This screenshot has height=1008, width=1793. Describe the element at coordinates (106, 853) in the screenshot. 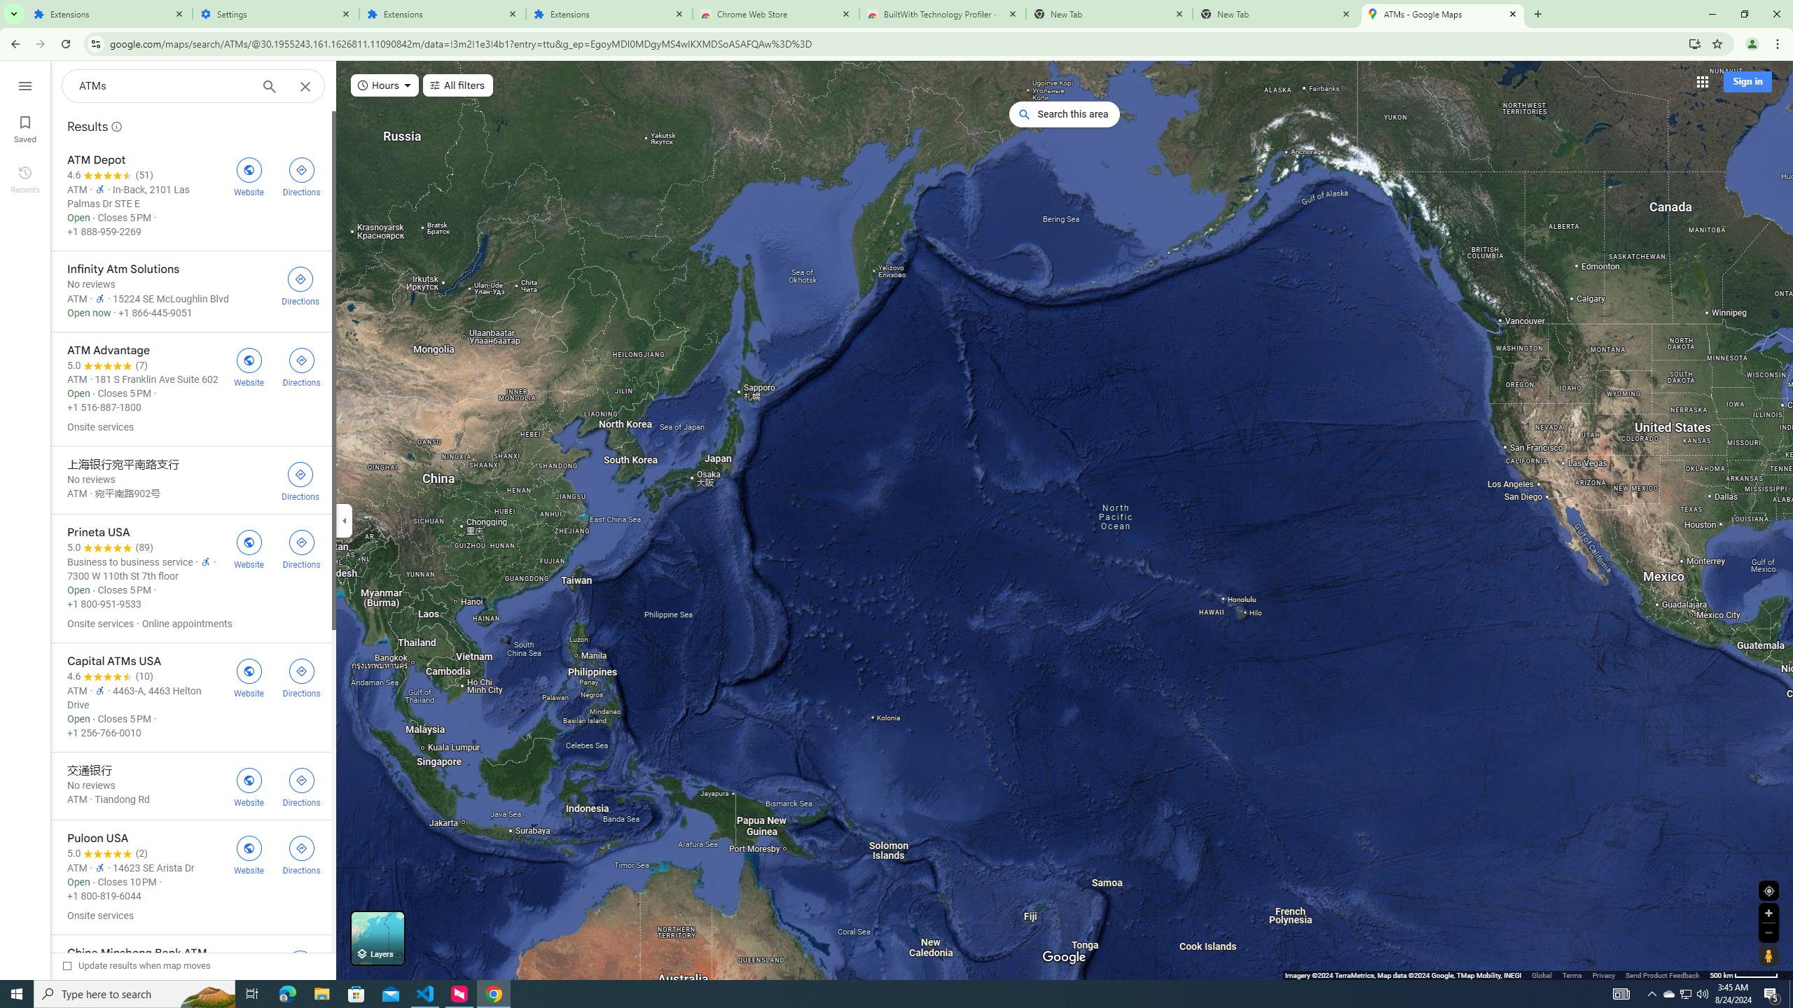

I see `'5.0 stars 2 Reviews'` at that location.